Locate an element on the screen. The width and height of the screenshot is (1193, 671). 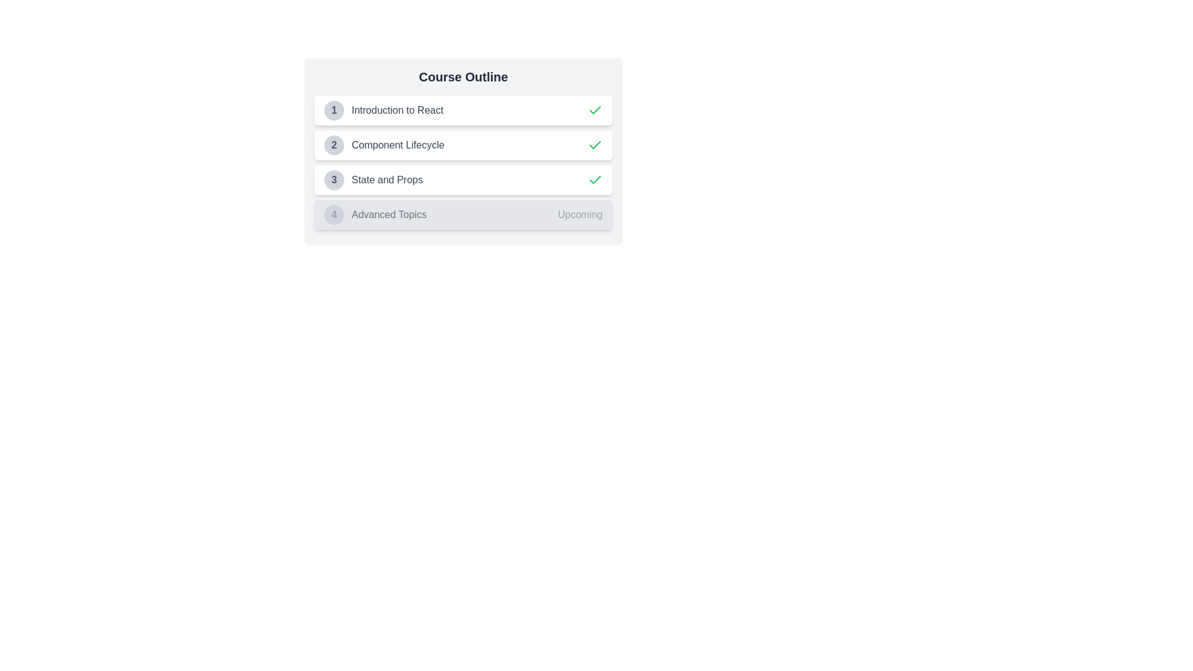
the completion status by interacting with the green checkmark icon, which indicates the status of the 'Introduction to React' item in the Course Outline is located at coordinates (595, 144).